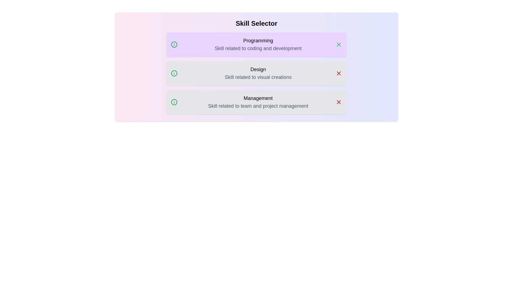  Describe the element at coordinates (256, 102) in the screenshot. I see `the skill Management` at that location.